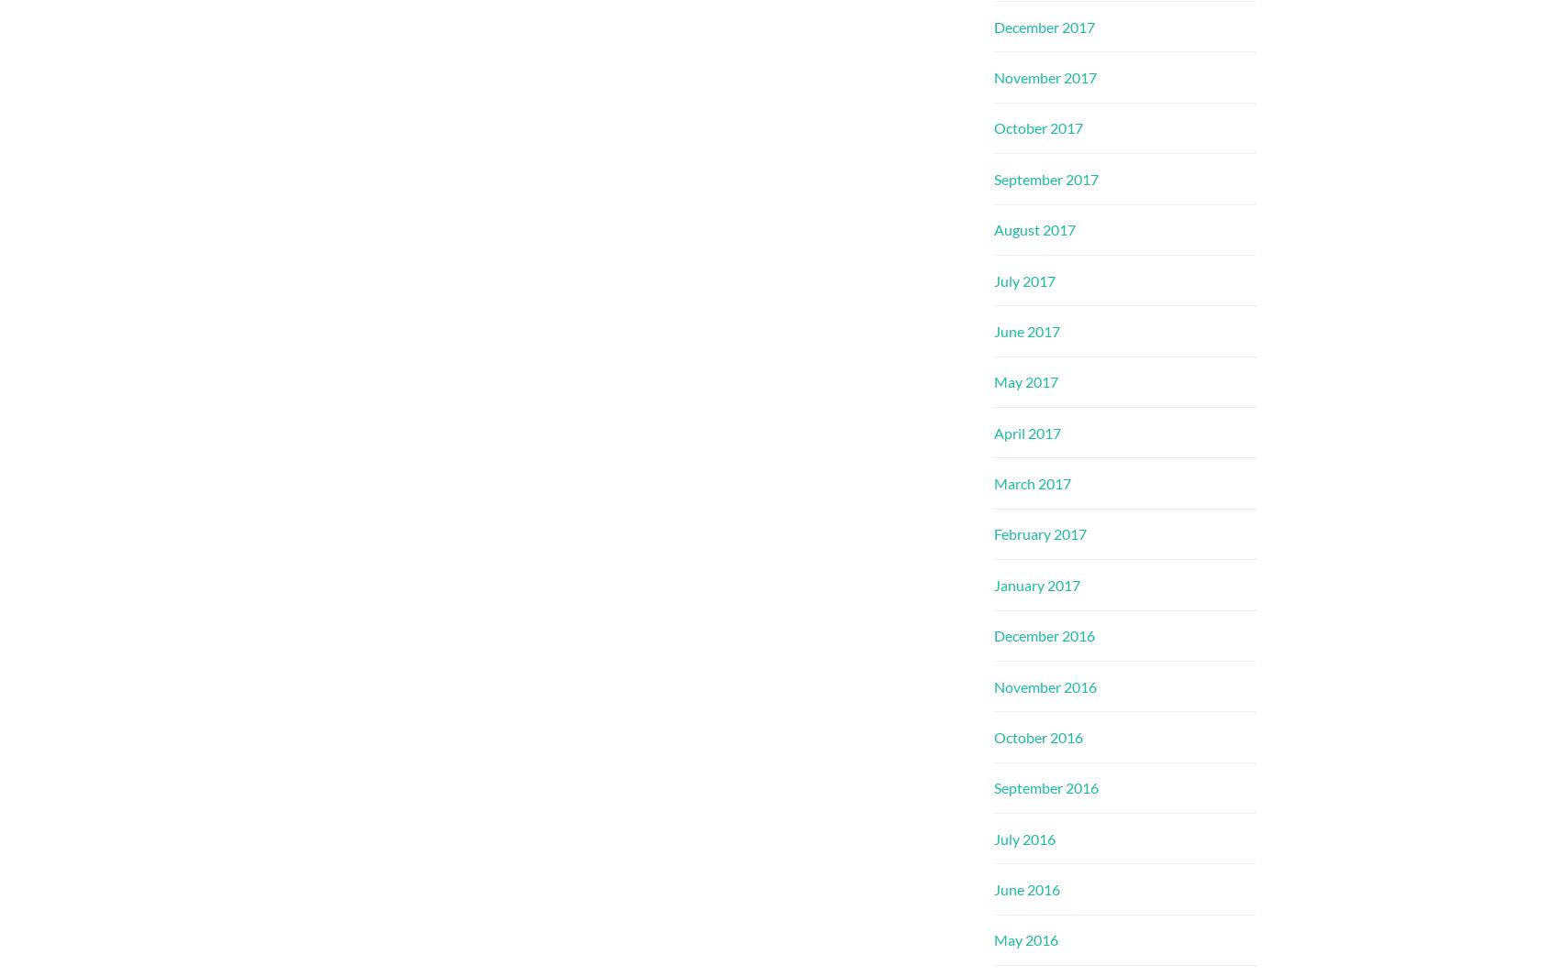 Image resolution: width=1559 pixels, height=976 pixels. Describe the element at coordinates (1045, 635) in the screenshot. I see `'December 2016'` at that location.